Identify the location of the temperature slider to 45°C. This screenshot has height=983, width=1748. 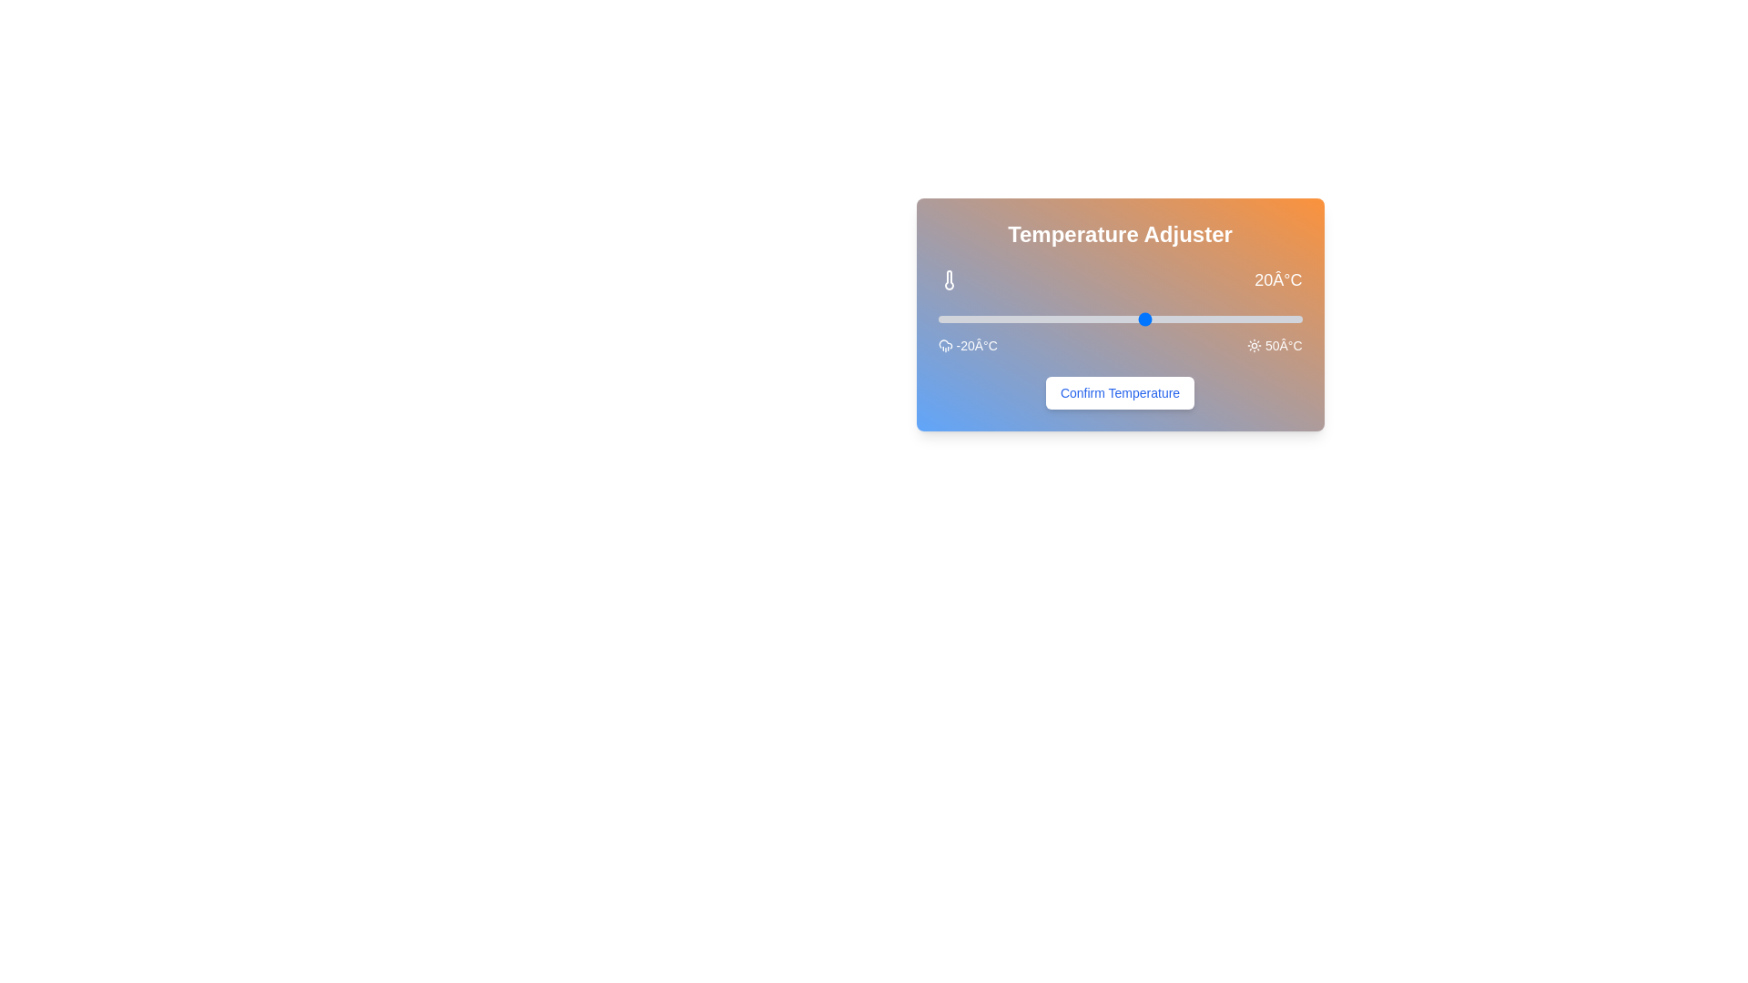
(1275, 319).